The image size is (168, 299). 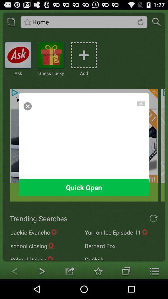 What do you see at coordinates (27, 113) in the screenshot?
I see `the close icon` at bounding box center [27, 113].